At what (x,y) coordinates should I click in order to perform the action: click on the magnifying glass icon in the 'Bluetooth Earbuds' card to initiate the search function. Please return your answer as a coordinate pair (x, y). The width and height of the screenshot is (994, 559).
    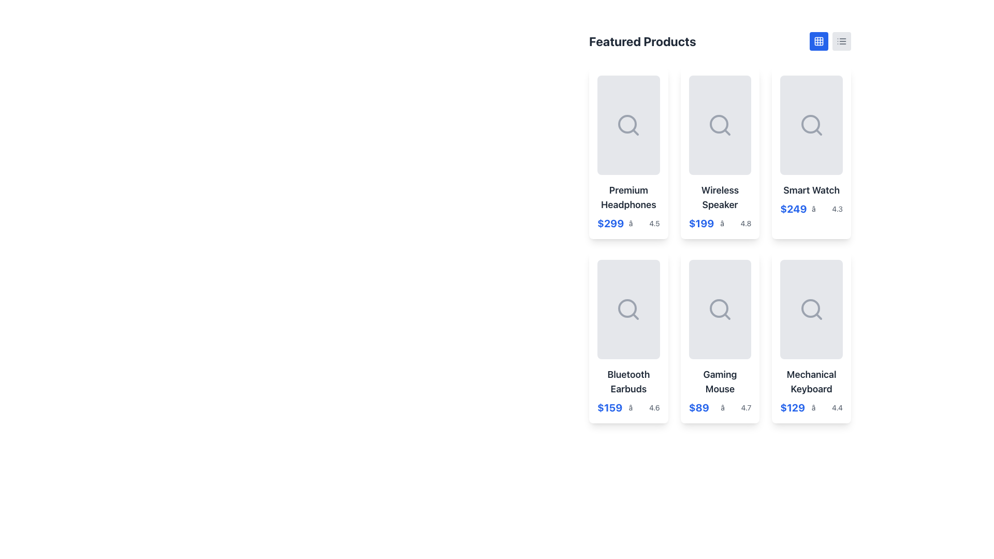
    Looking at the image, I should click on (628, 308).